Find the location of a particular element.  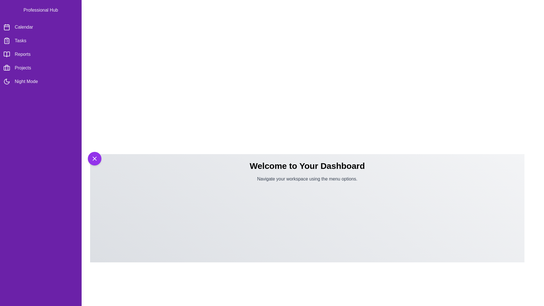

the menu item Reports from the side drawer is located at coordinates (41, 54).